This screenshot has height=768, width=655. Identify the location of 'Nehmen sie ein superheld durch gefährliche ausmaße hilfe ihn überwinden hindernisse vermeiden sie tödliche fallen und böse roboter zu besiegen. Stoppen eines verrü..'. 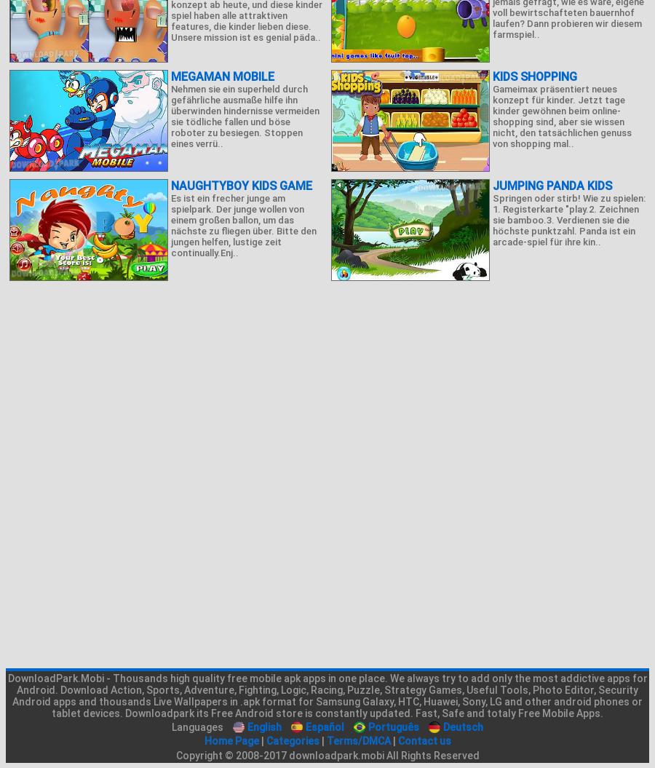
(170, 116).